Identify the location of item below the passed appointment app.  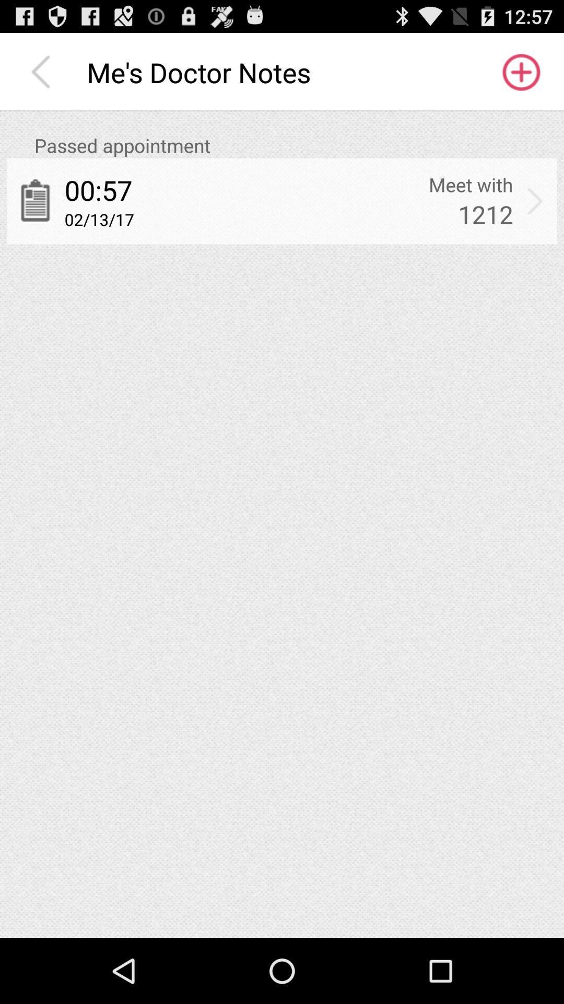
(471, 185).